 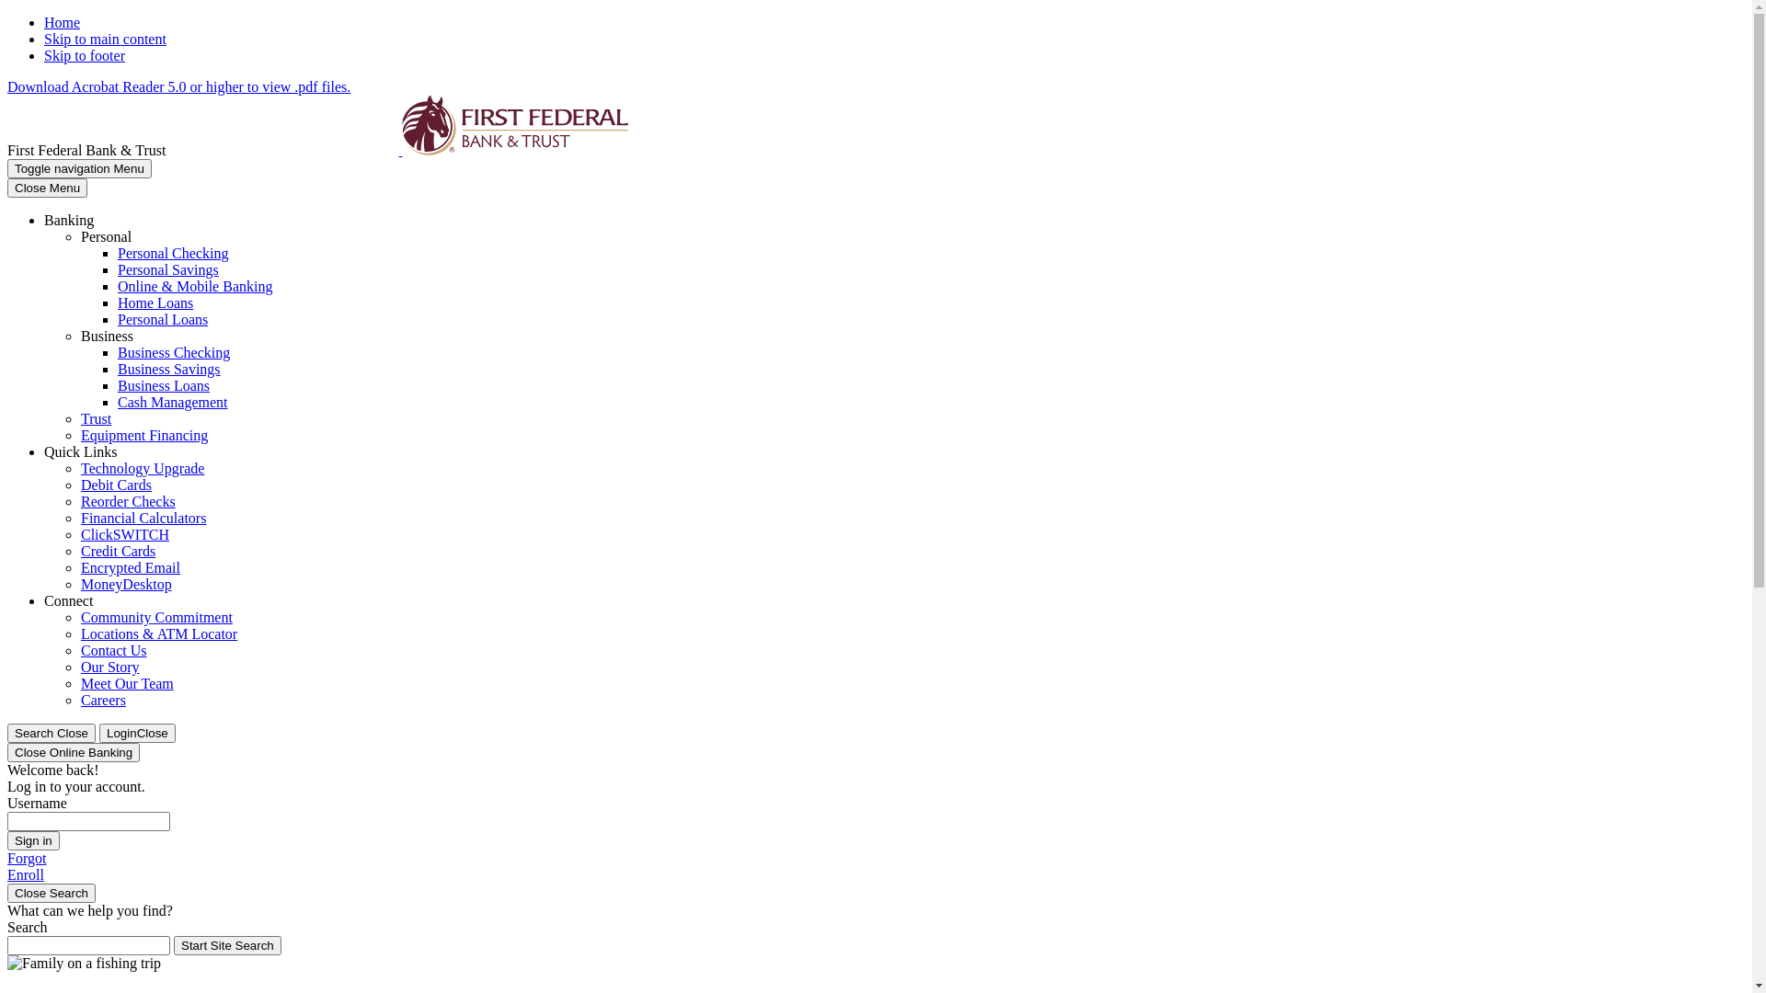 I want to click on 'Close Search', so click(x=52, y=892).